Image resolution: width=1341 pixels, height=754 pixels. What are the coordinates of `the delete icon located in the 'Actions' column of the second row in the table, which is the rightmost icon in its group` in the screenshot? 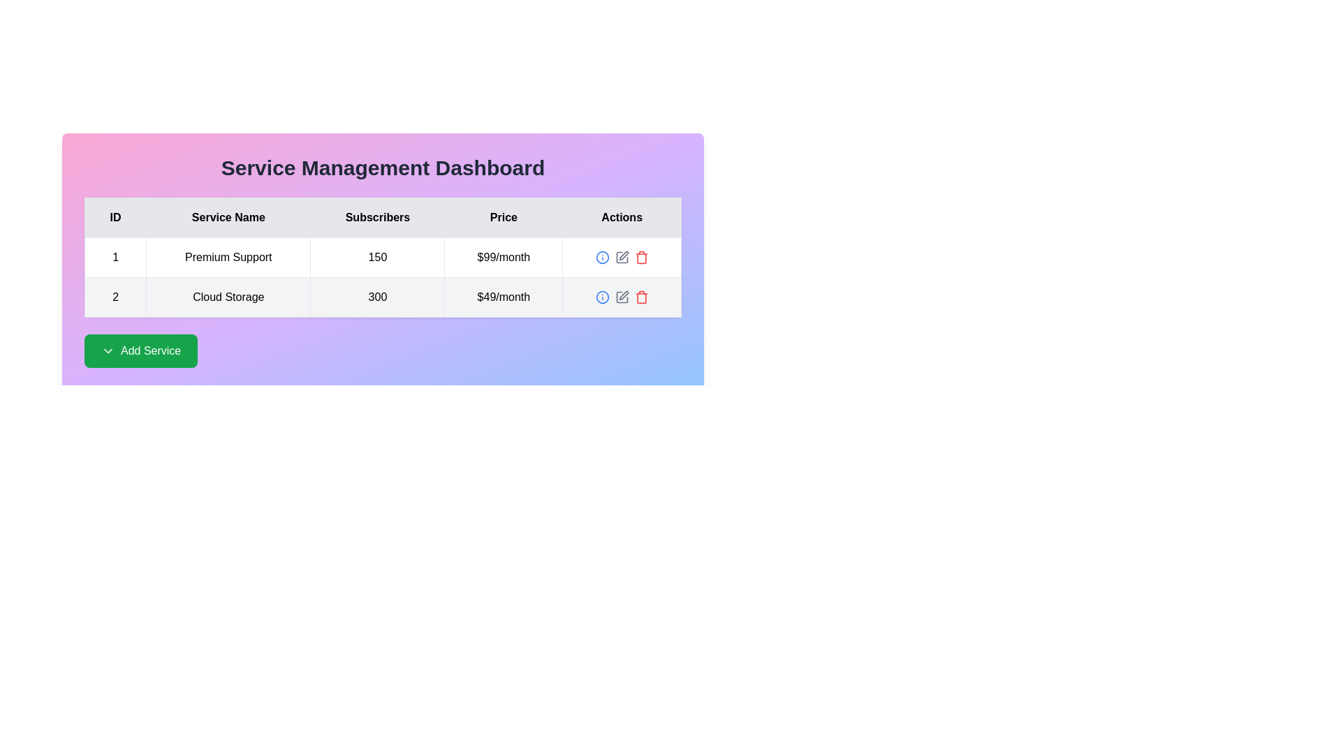 It's located at (640, 258).